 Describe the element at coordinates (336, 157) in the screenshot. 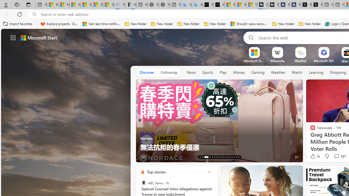

I see `'View comments 22 Comment'` at that location.